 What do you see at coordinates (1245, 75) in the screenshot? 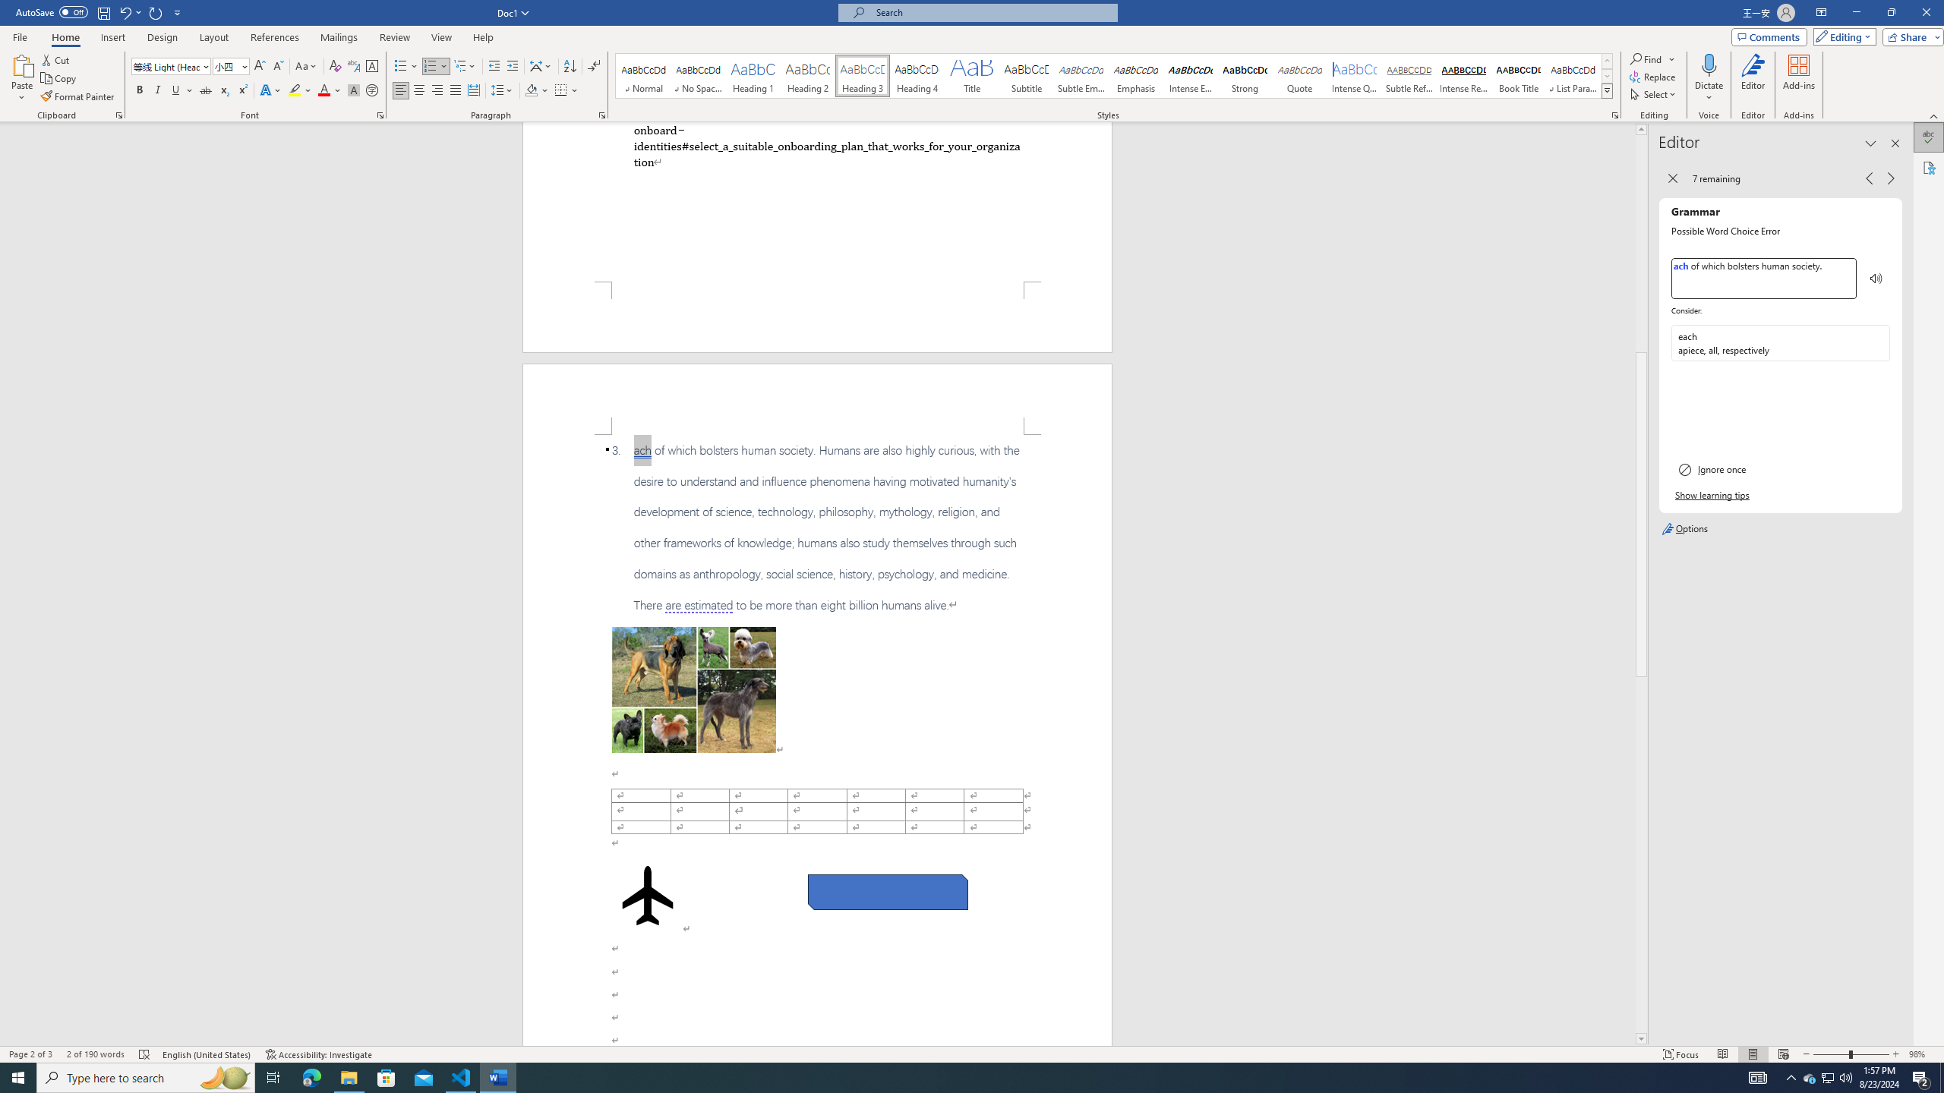
I see `'Strong'` at bounding box center [1245, 75].